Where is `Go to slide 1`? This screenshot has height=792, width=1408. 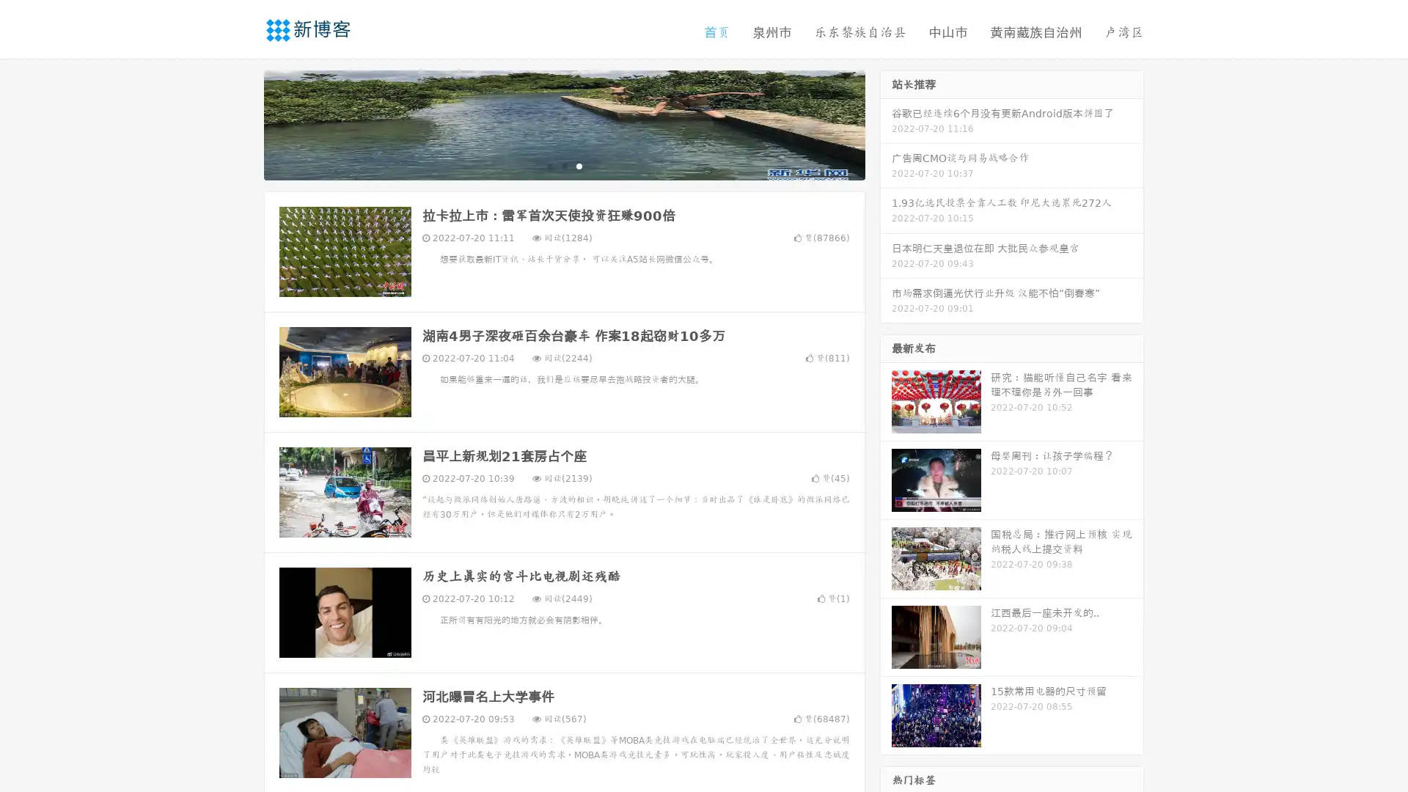 Go to slide 1 is located at coordinates (549, 165).